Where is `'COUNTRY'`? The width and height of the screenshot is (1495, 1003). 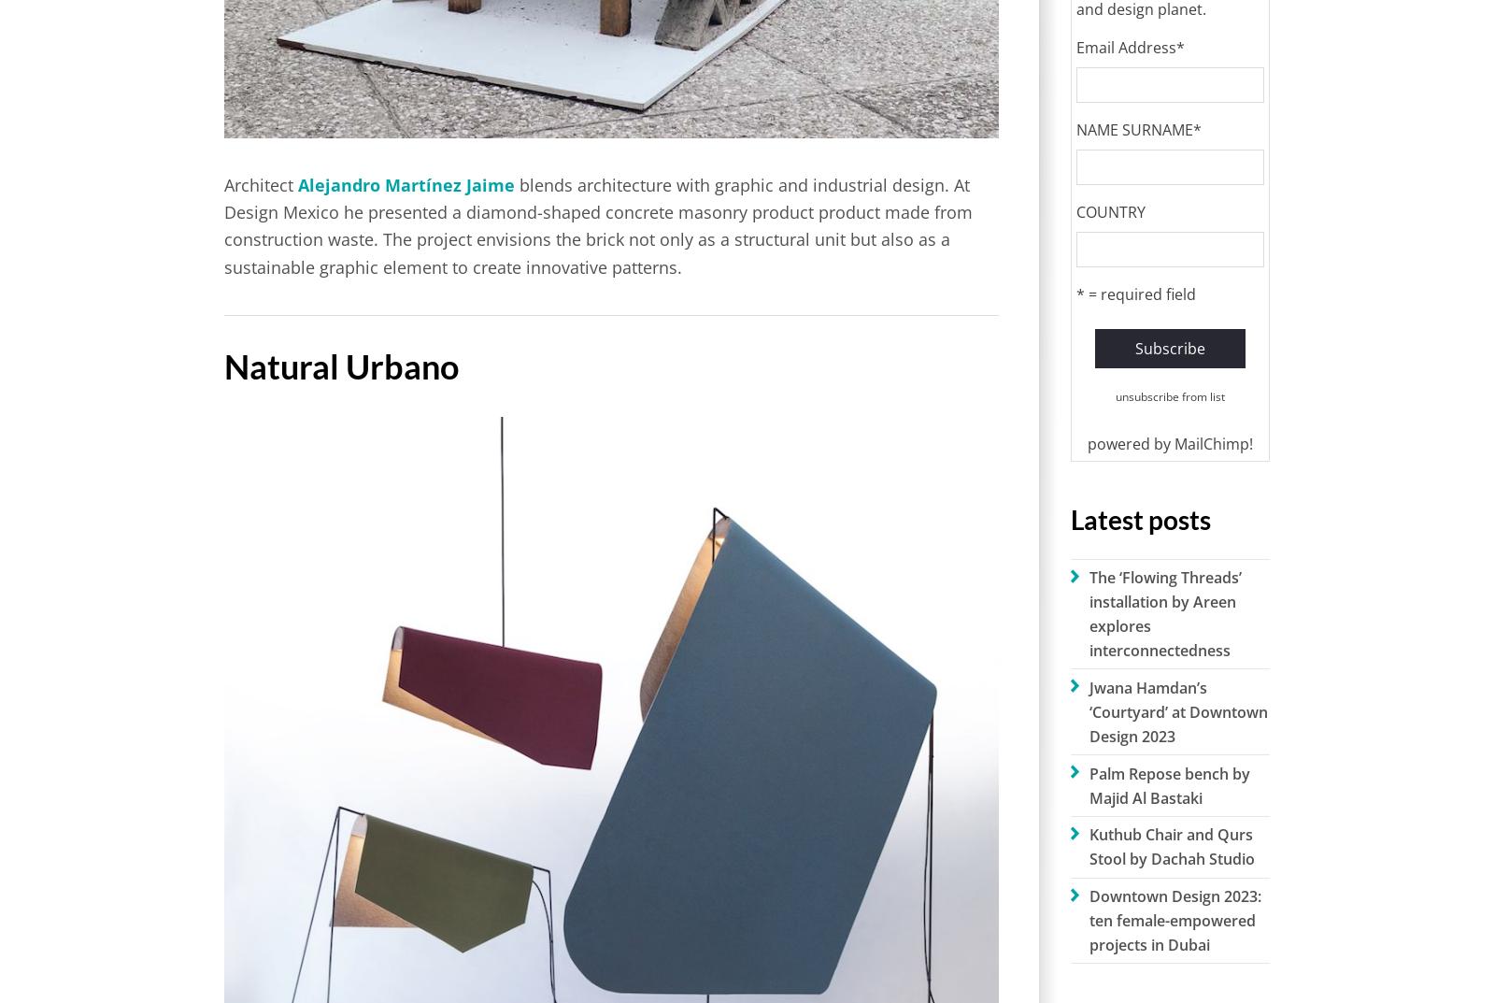 'COUNTRY' is located at coordinates (1110, 210).